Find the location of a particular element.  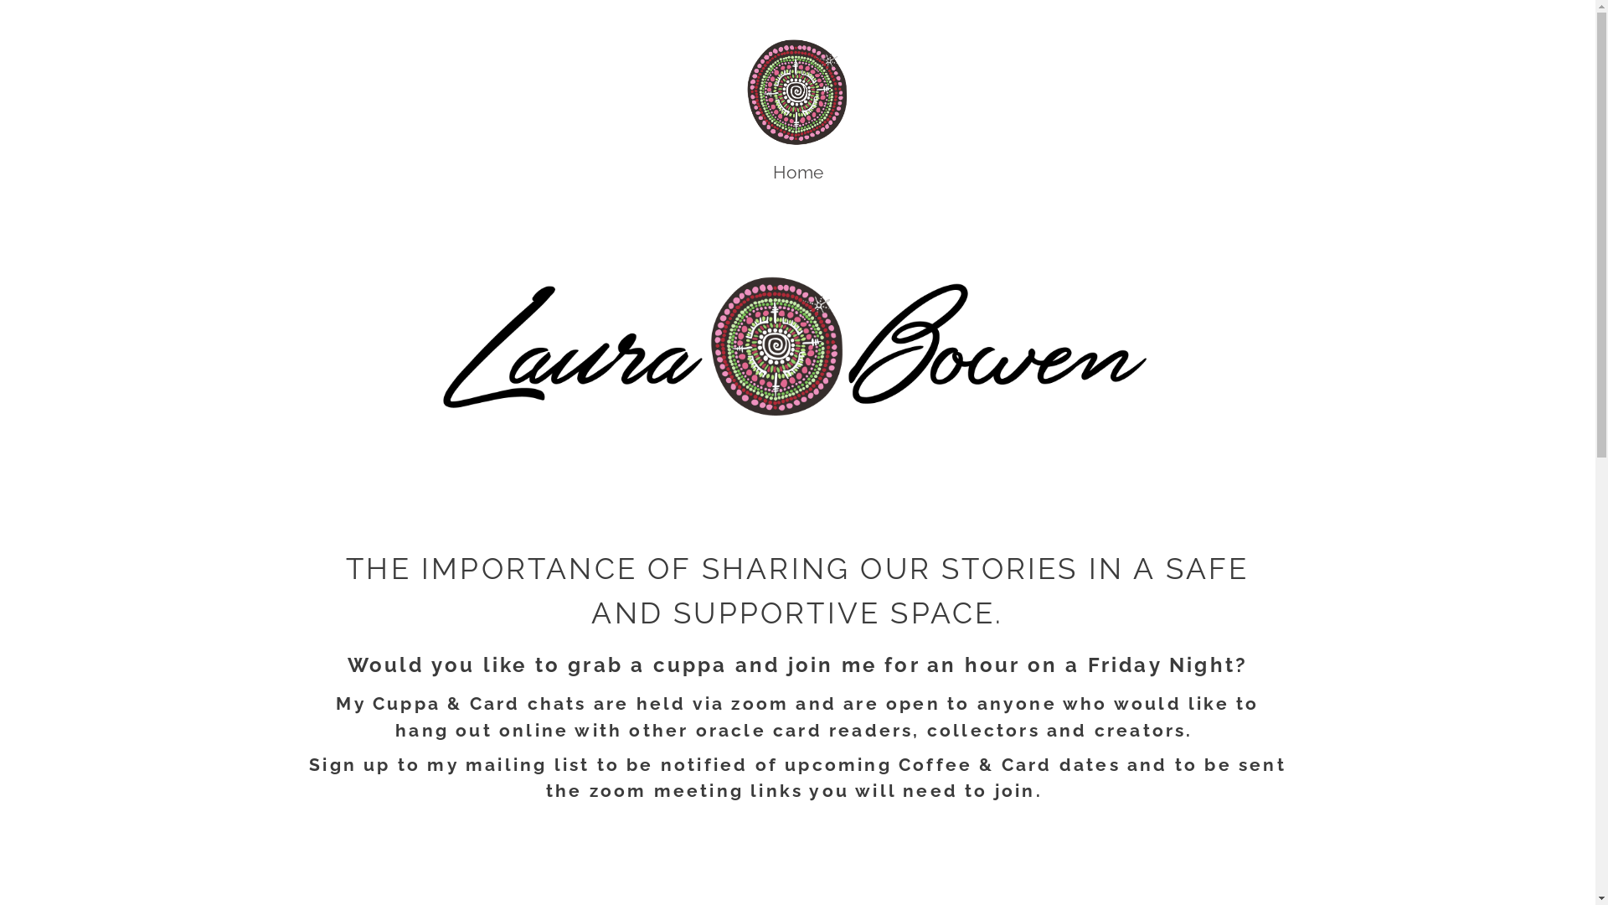

'Home' is located at coordinates (796, 172).